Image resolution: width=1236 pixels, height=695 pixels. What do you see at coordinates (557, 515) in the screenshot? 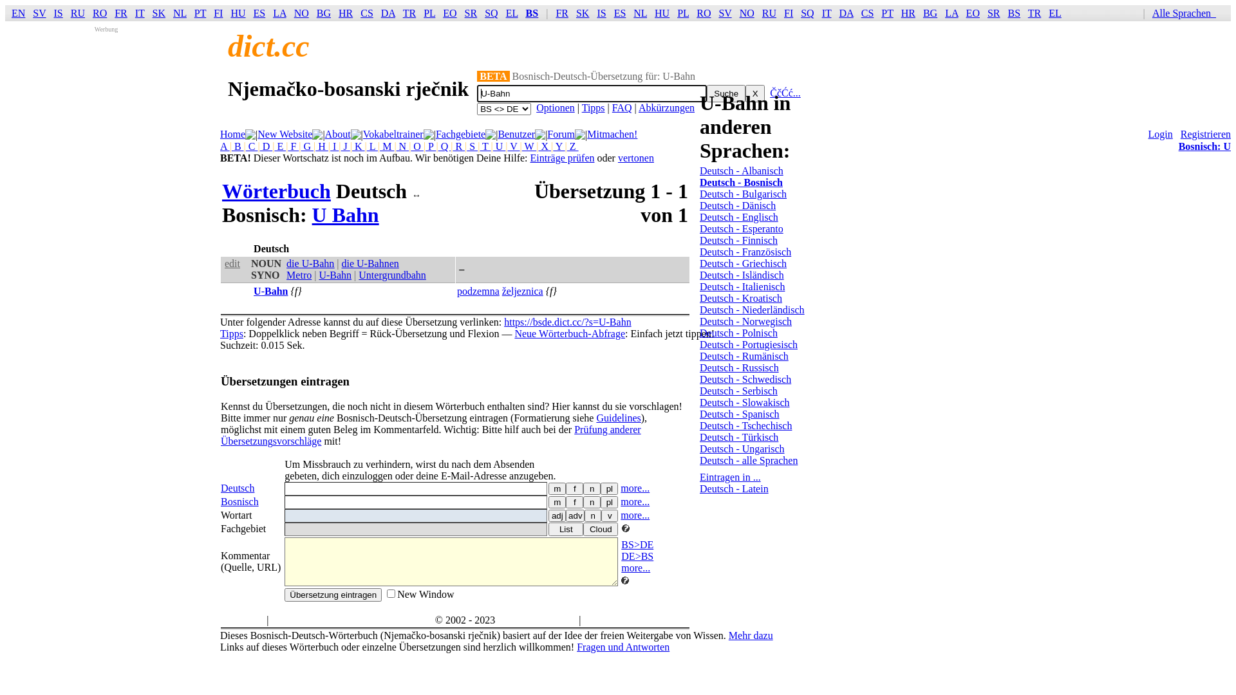
I see `'adj'` at bounding box center [557, 515].